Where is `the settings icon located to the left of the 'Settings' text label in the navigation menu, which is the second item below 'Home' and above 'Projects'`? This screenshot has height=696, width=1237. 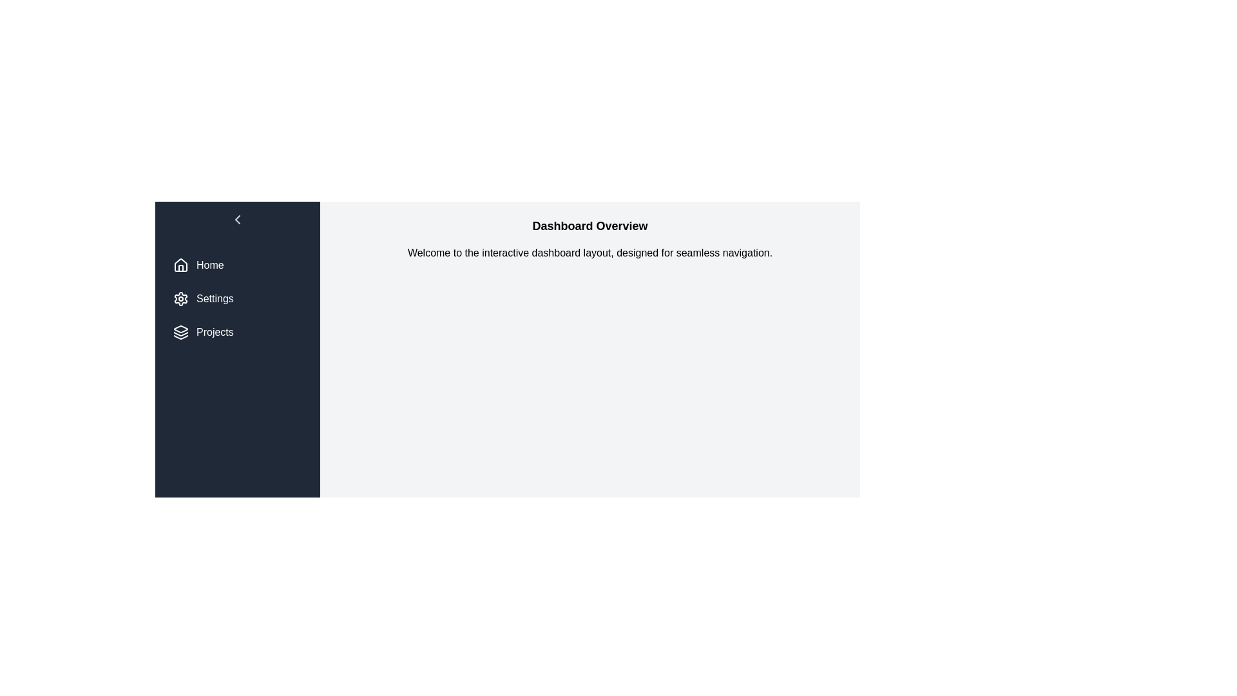
the settings icon located to the left of the 'Settings' text label in the navigation menu, which is the second item below 'Home' and above 'Projects' is located at coordinates (180, 298).